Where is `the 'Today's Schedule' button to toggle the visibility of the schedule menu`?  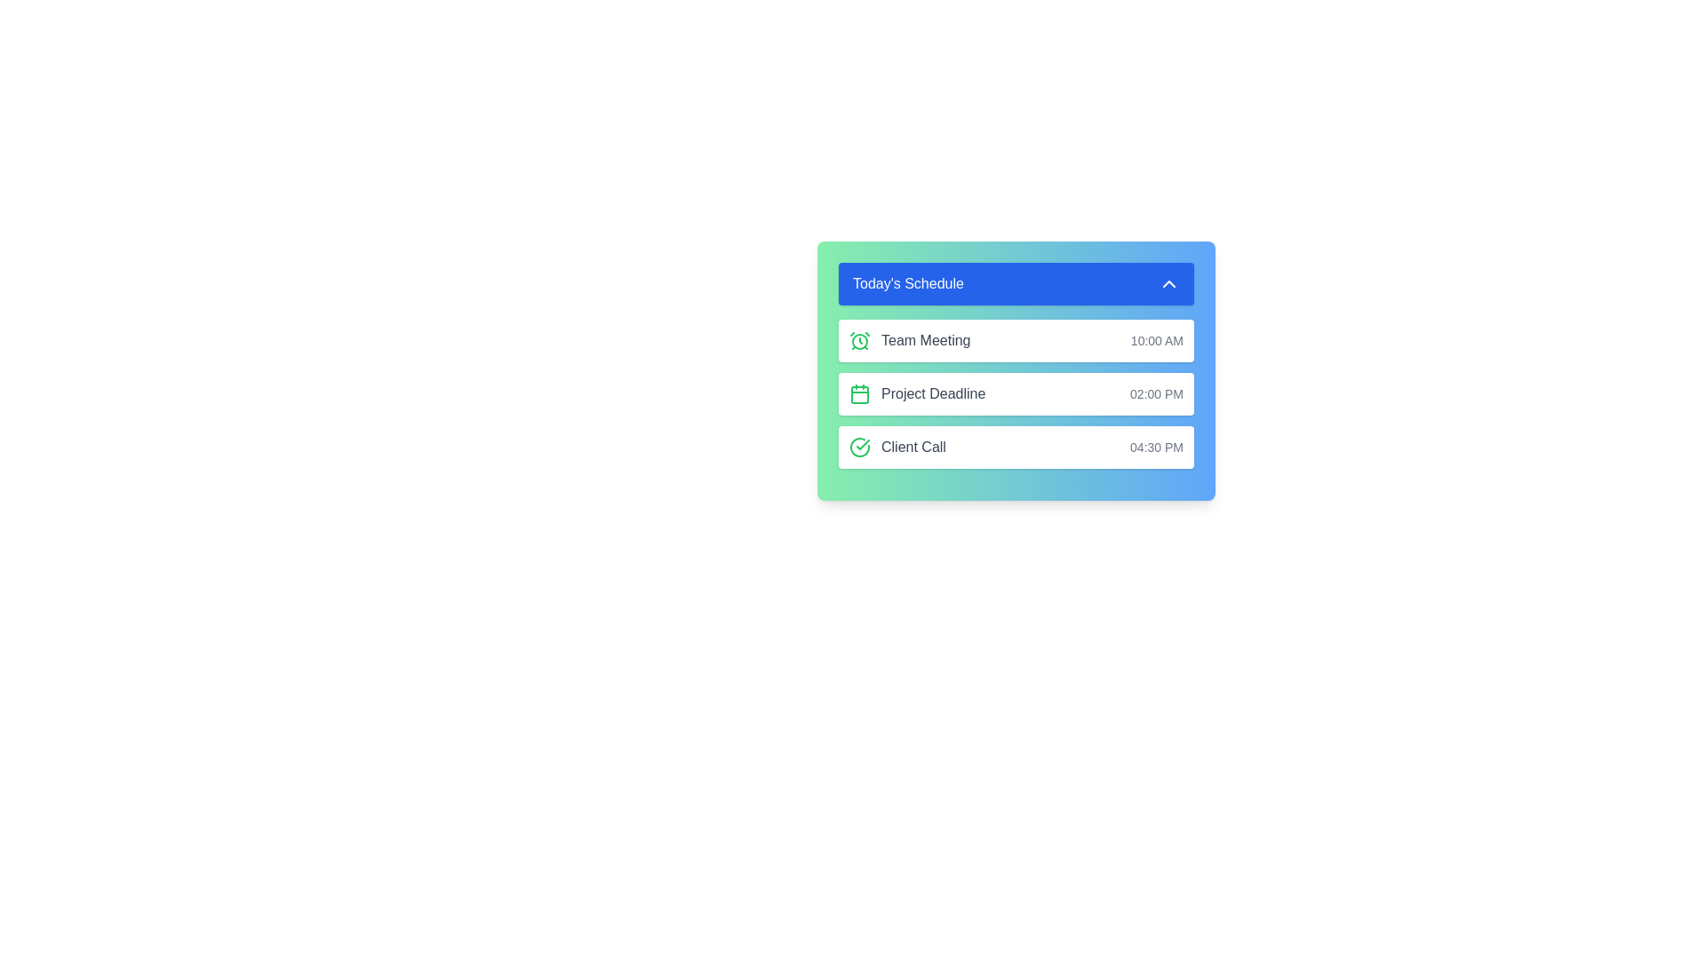
the 'Today's Schedule' button to toggle the visibility of the schedule menu is located at coordinates (1016, 283).